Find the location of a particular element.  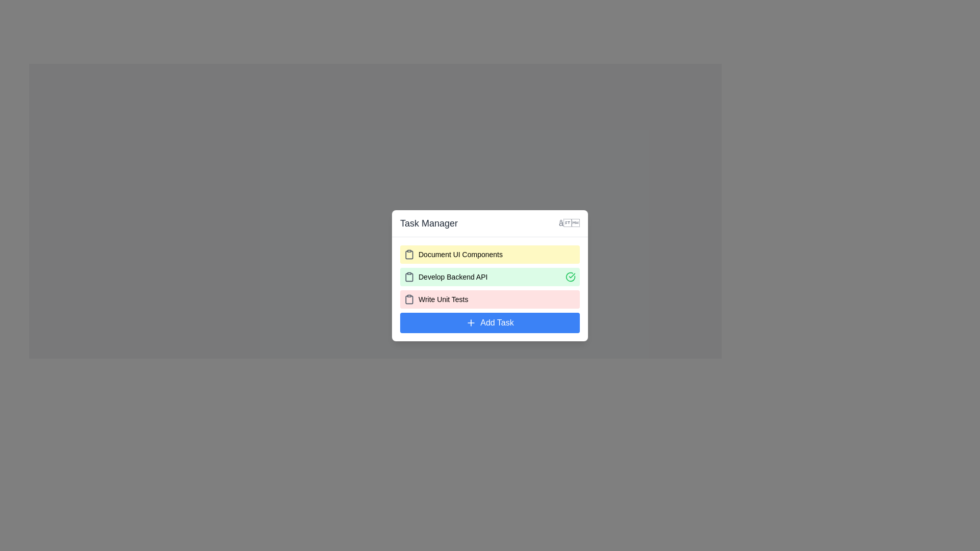

the text label element representing the task titled 'Develop Backend API', which is the second item in the list of tasks in the 'Task Manager' component is located at coordinates (446, 277).